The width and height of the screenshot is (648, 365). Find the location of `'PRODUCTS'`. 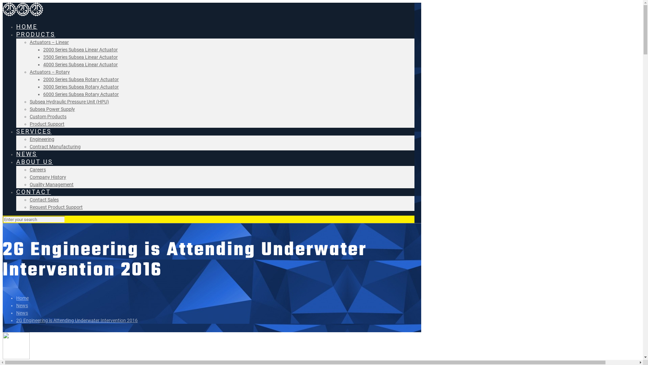

'PRODUCTS' is located at coordinates (35, 34).